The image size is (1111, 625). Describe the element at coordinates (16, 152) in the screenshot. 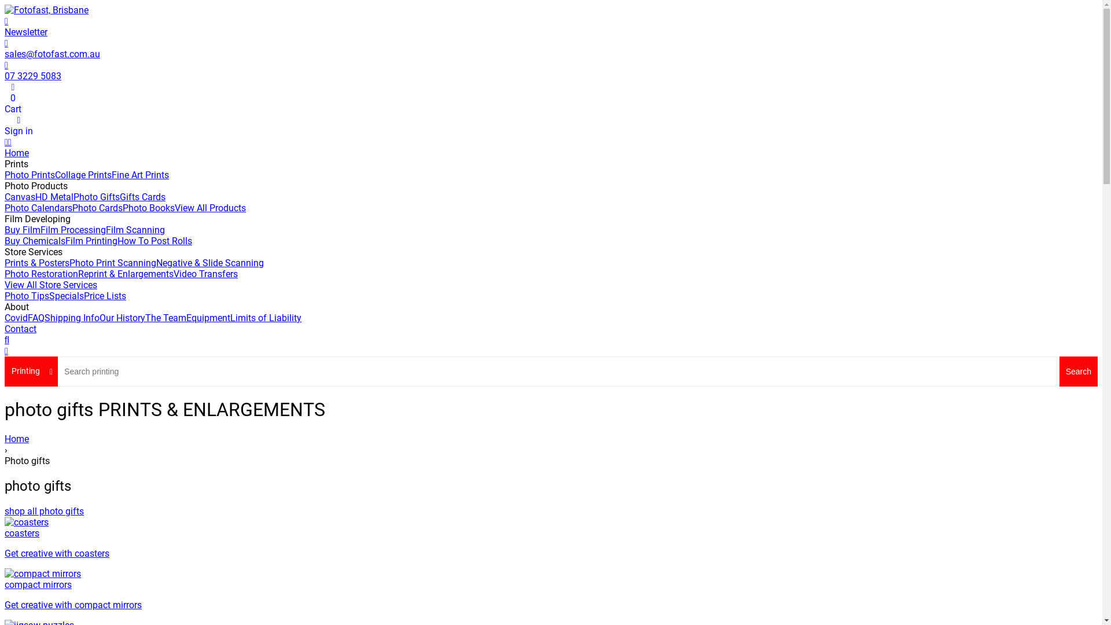

I see `'Home'` at that location.